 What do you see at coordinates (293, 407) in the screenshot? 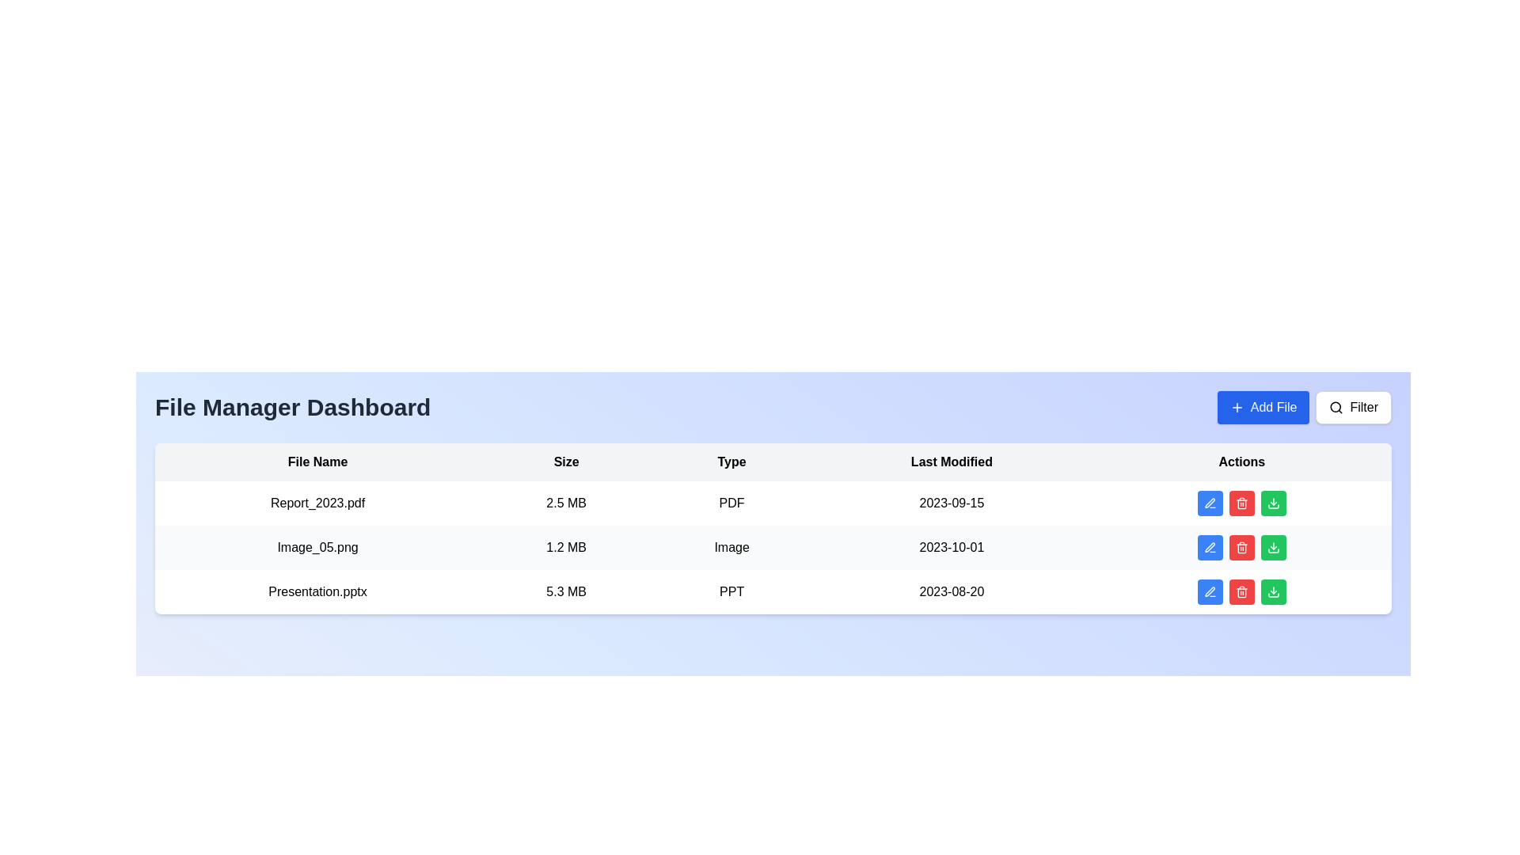
I see `the Text Header element that serves as the title for the file management dashboard, located at the leftmost position in the header area` at bounding box center [293, 407].